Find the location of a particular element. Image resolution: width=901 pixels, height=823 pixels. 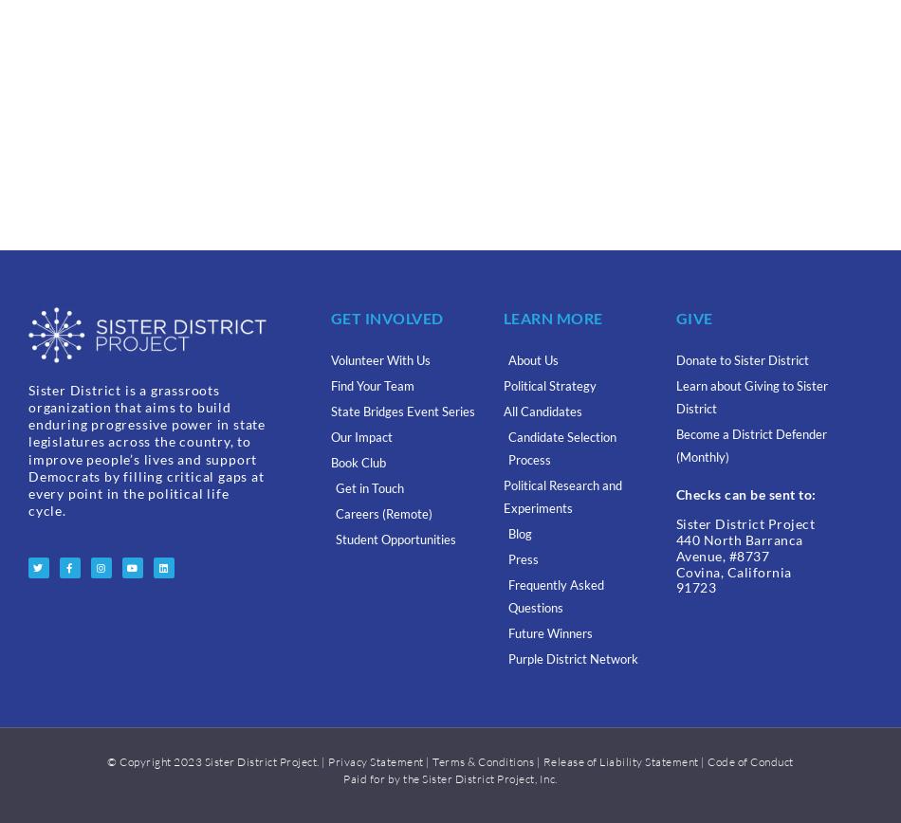

'All Candidates' is located at coordinates (503, 411).